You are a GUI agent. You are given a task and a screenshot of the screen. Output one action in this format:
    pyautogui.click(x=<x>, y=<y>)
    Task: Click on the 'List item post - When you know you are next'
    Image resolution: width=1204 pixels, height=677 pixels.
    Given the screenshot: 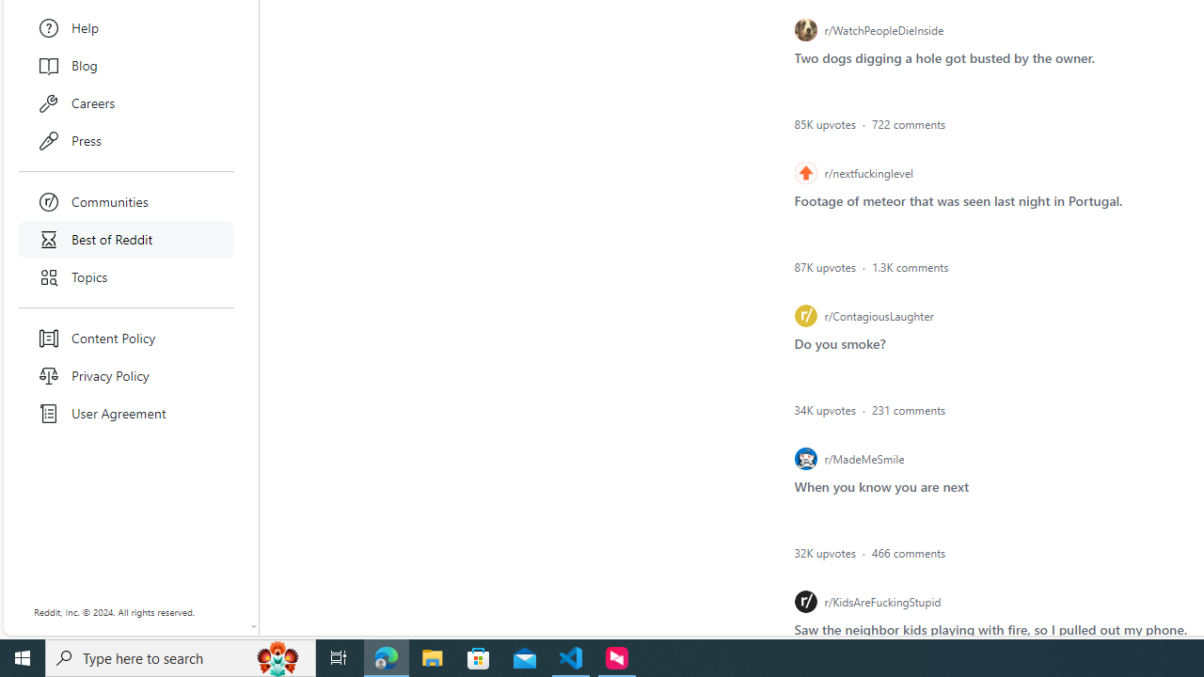 What is the action you would take?
    pyautogui.click(x=879, y=483)
    